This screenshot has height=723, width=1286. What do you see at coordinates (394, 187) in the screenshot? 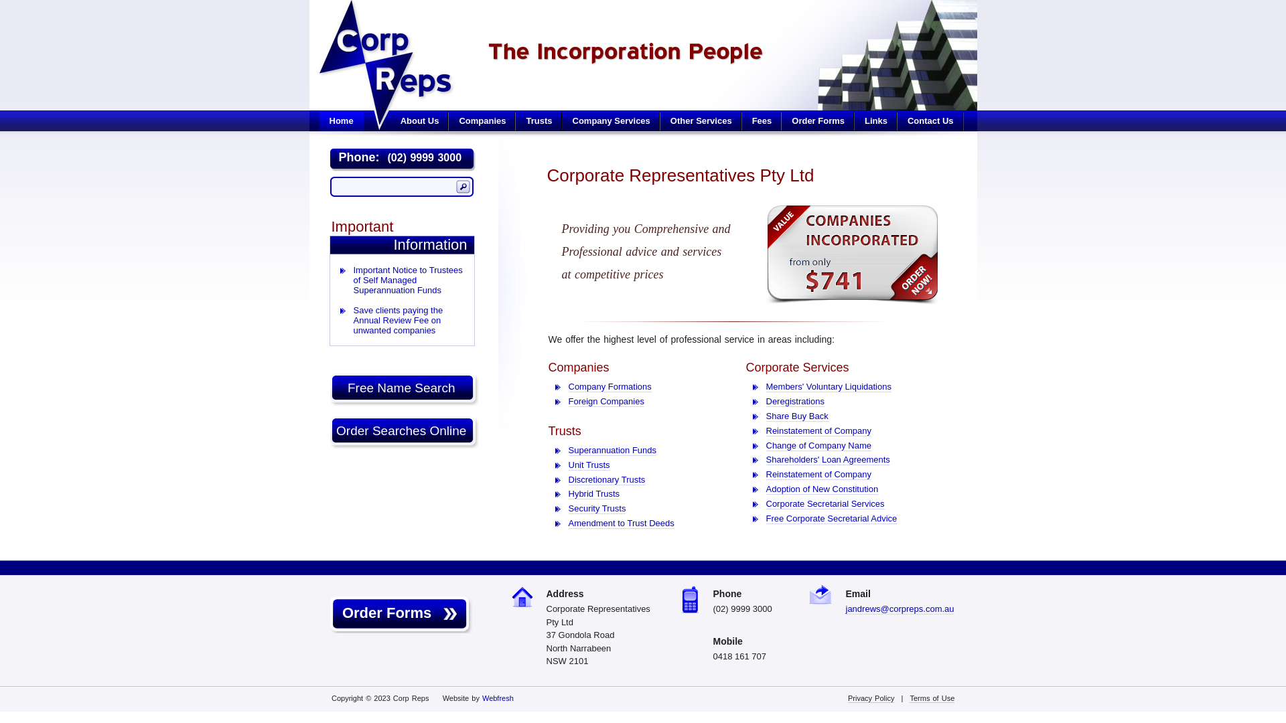
I see `'Search our site...'` at bounding box center [394, 187].